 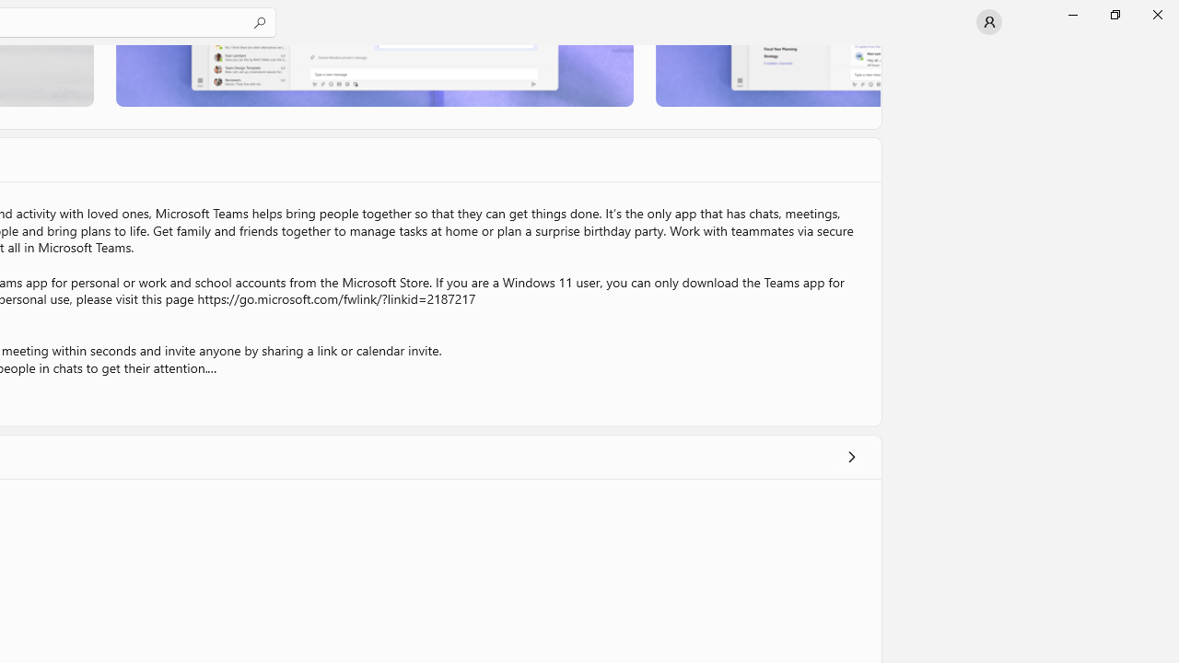 I want to click on 'Show all ratings and reviews', so click(x=850, y=456).